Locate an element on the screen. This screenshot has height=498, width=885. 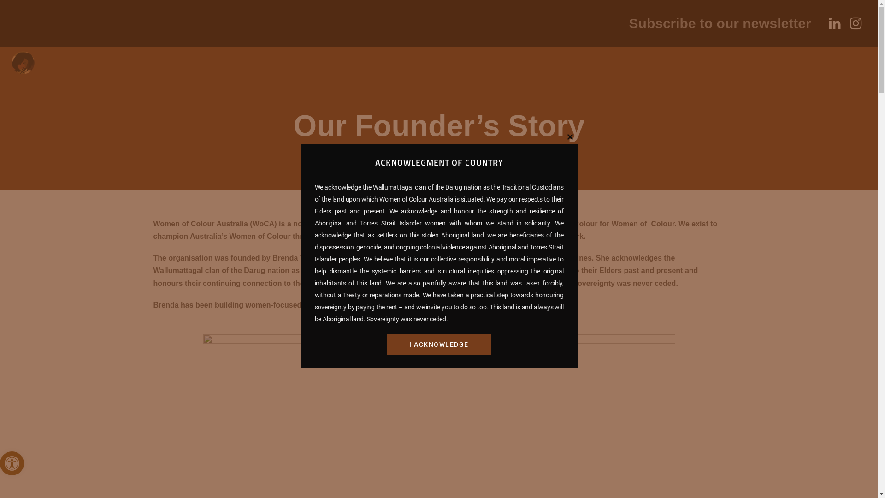
'Subscribe to our newsletter' is located at coordinates (720, 23).